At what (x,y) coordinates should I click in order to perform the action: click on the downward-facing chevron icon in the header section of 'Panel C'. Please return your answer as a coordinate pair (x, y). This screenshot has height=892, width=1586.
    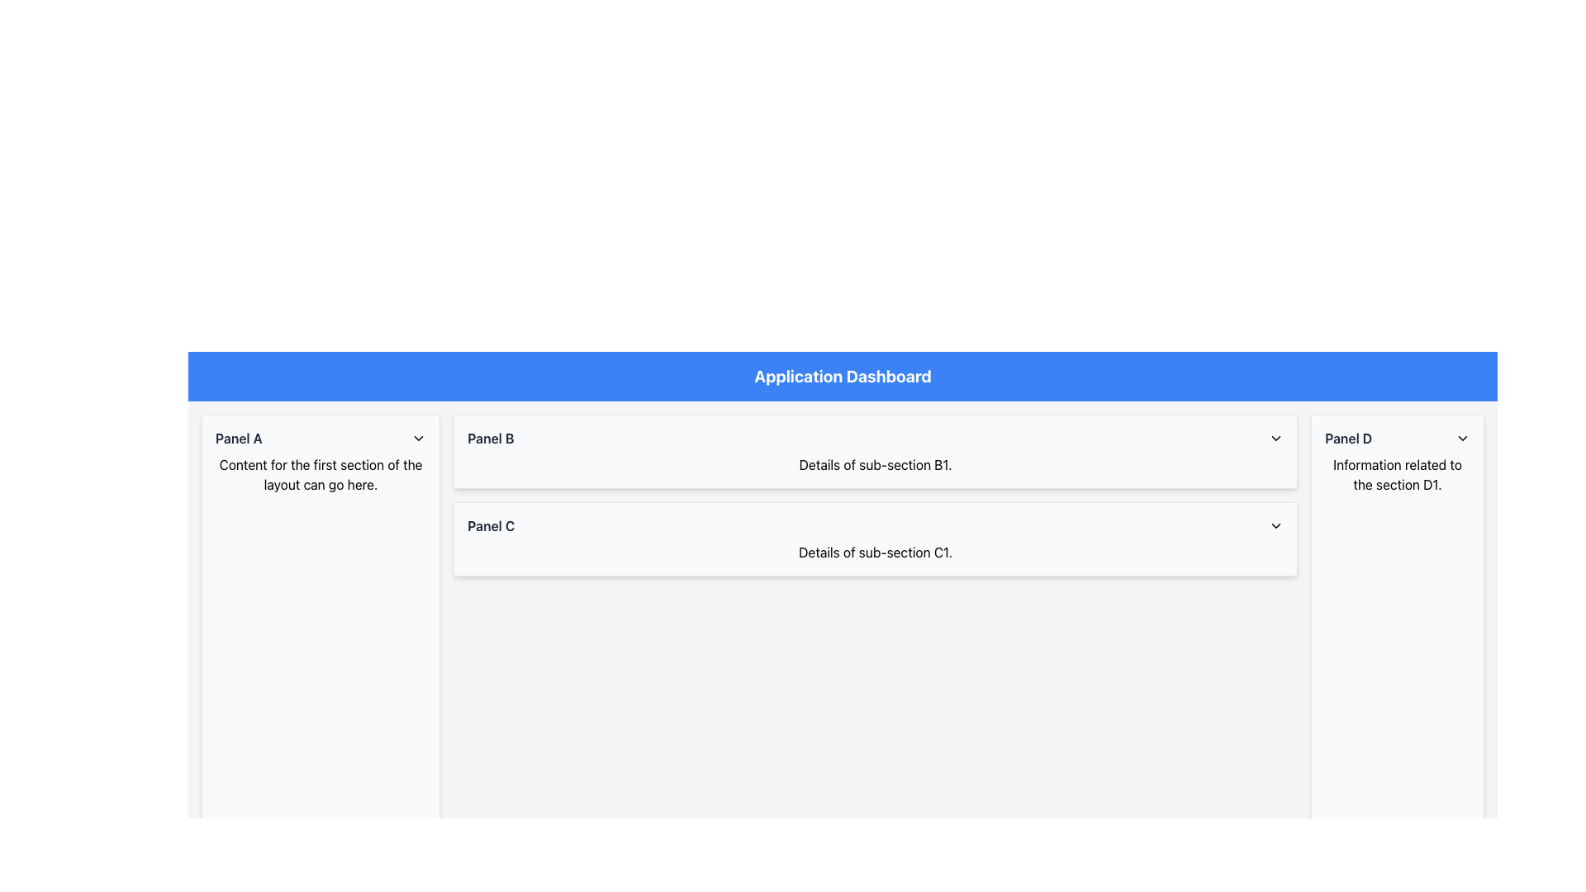
    Looking at the image, I should click on (1275, 525).